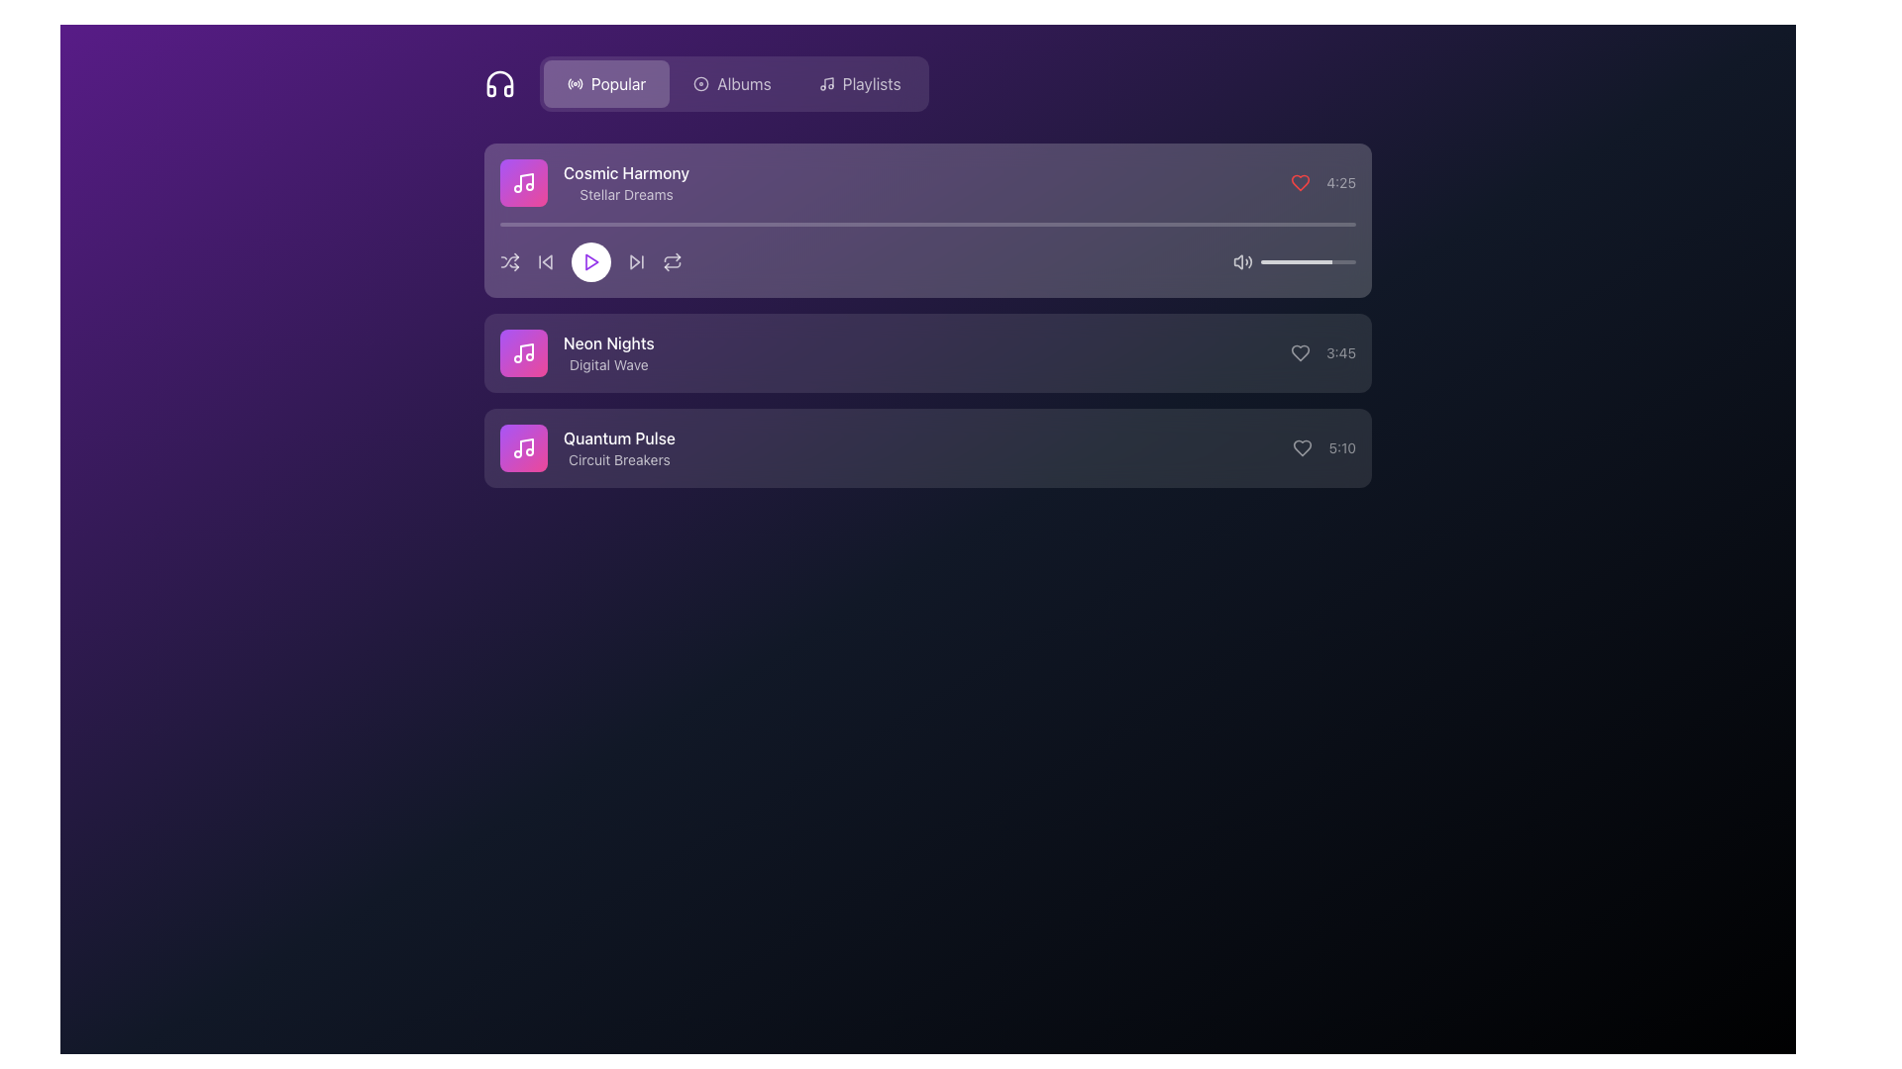 This screenshot has height=1069, width=1902. What do you see at coordinates (574, 82) in the screenshot?
I see `the Decorative Indicator Icon that indicates the active status of the 'Popular' menu item, which is positioned to the left of the 'Popular' label` at bounding box center [574, 82].